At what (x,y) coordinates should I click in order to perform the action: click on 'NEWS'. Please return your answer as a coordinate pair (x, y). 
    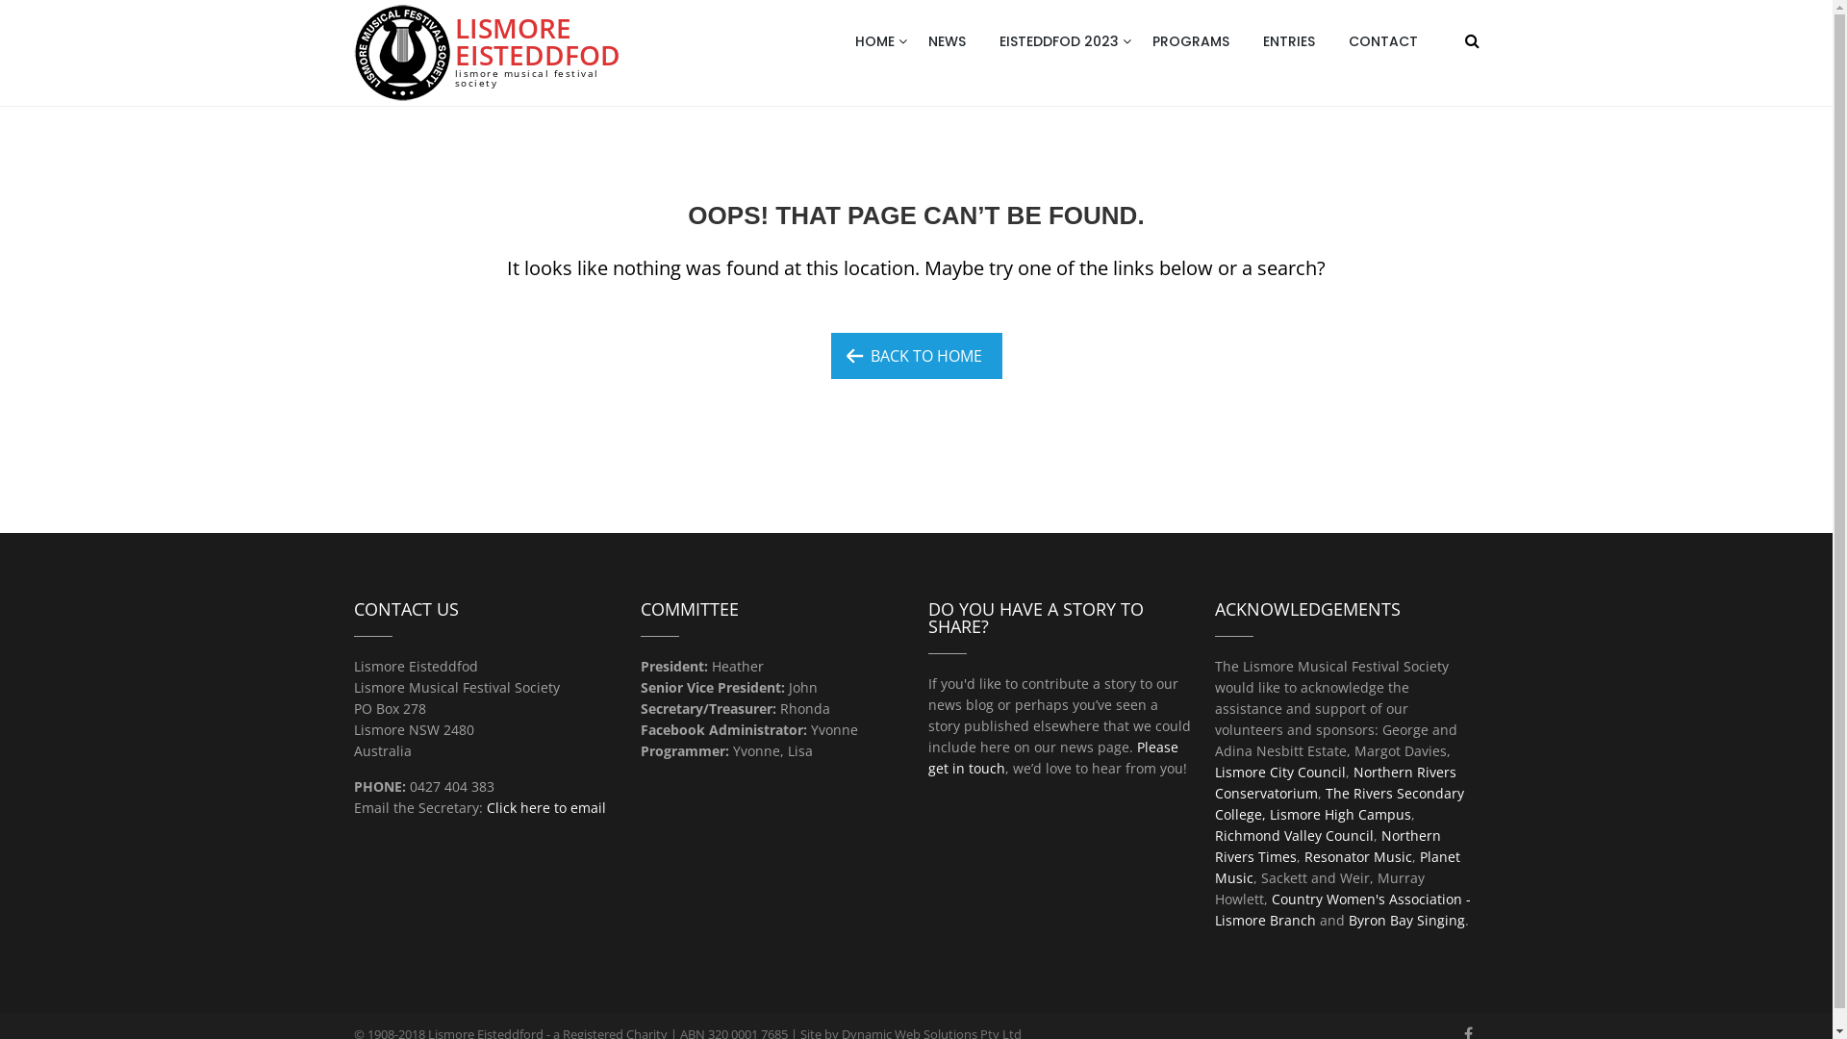
    Looking at the image, I should click on (956, 40).